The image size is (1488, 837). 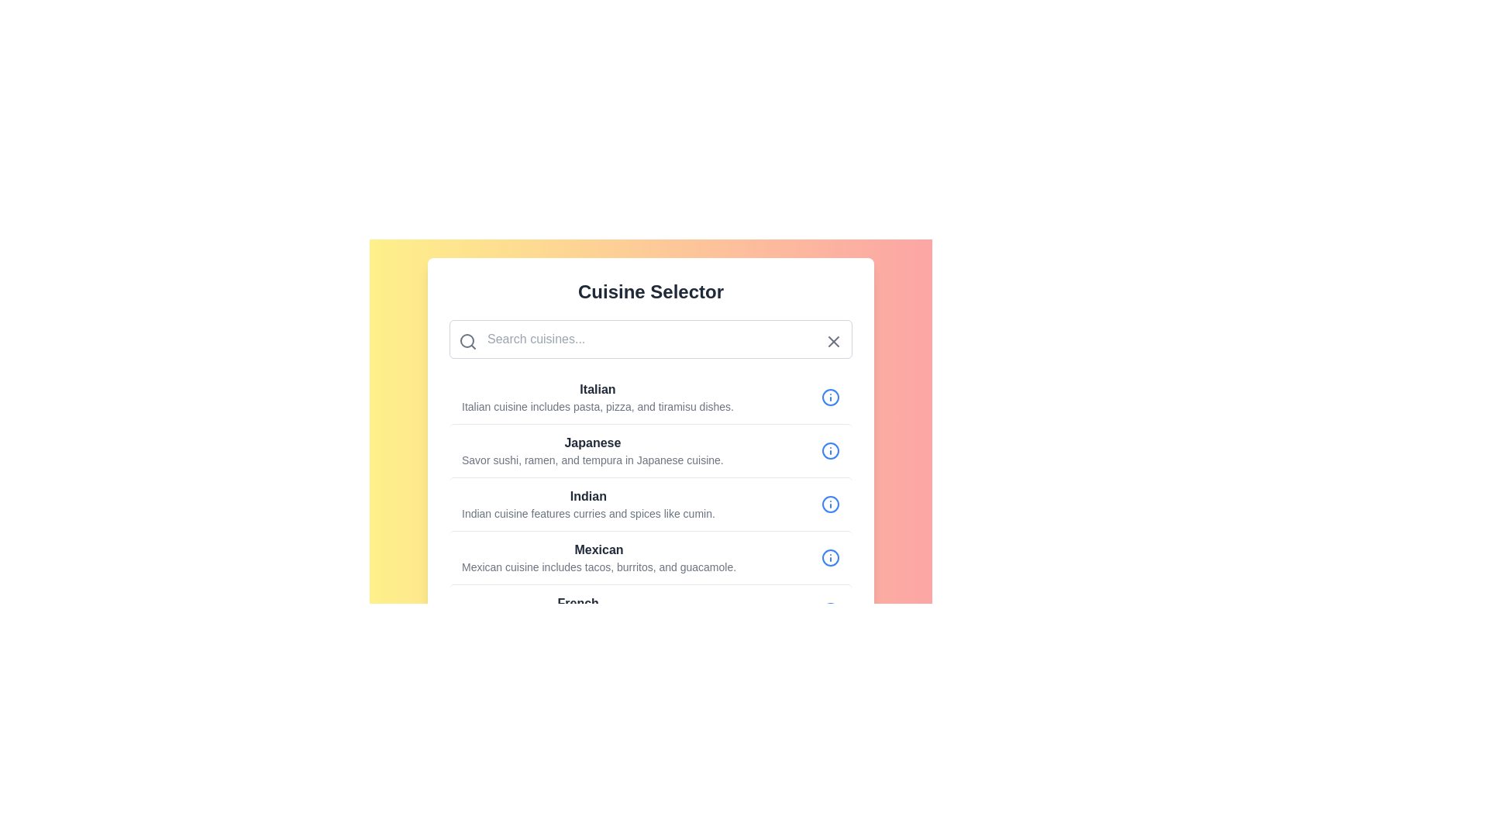 What do you see at coordinates (651, 457) in the screenshot?
I see `the 'Japanese' list item in the stack view` at bounding box center [651, 457].